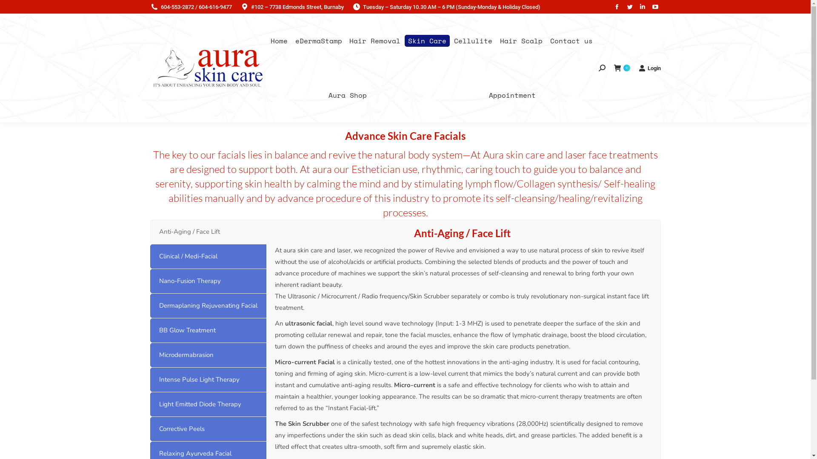 Image resolution: width=817 pixels, height=459 pixels. I want to click on 'eDermaStamp', so click(318, 41).